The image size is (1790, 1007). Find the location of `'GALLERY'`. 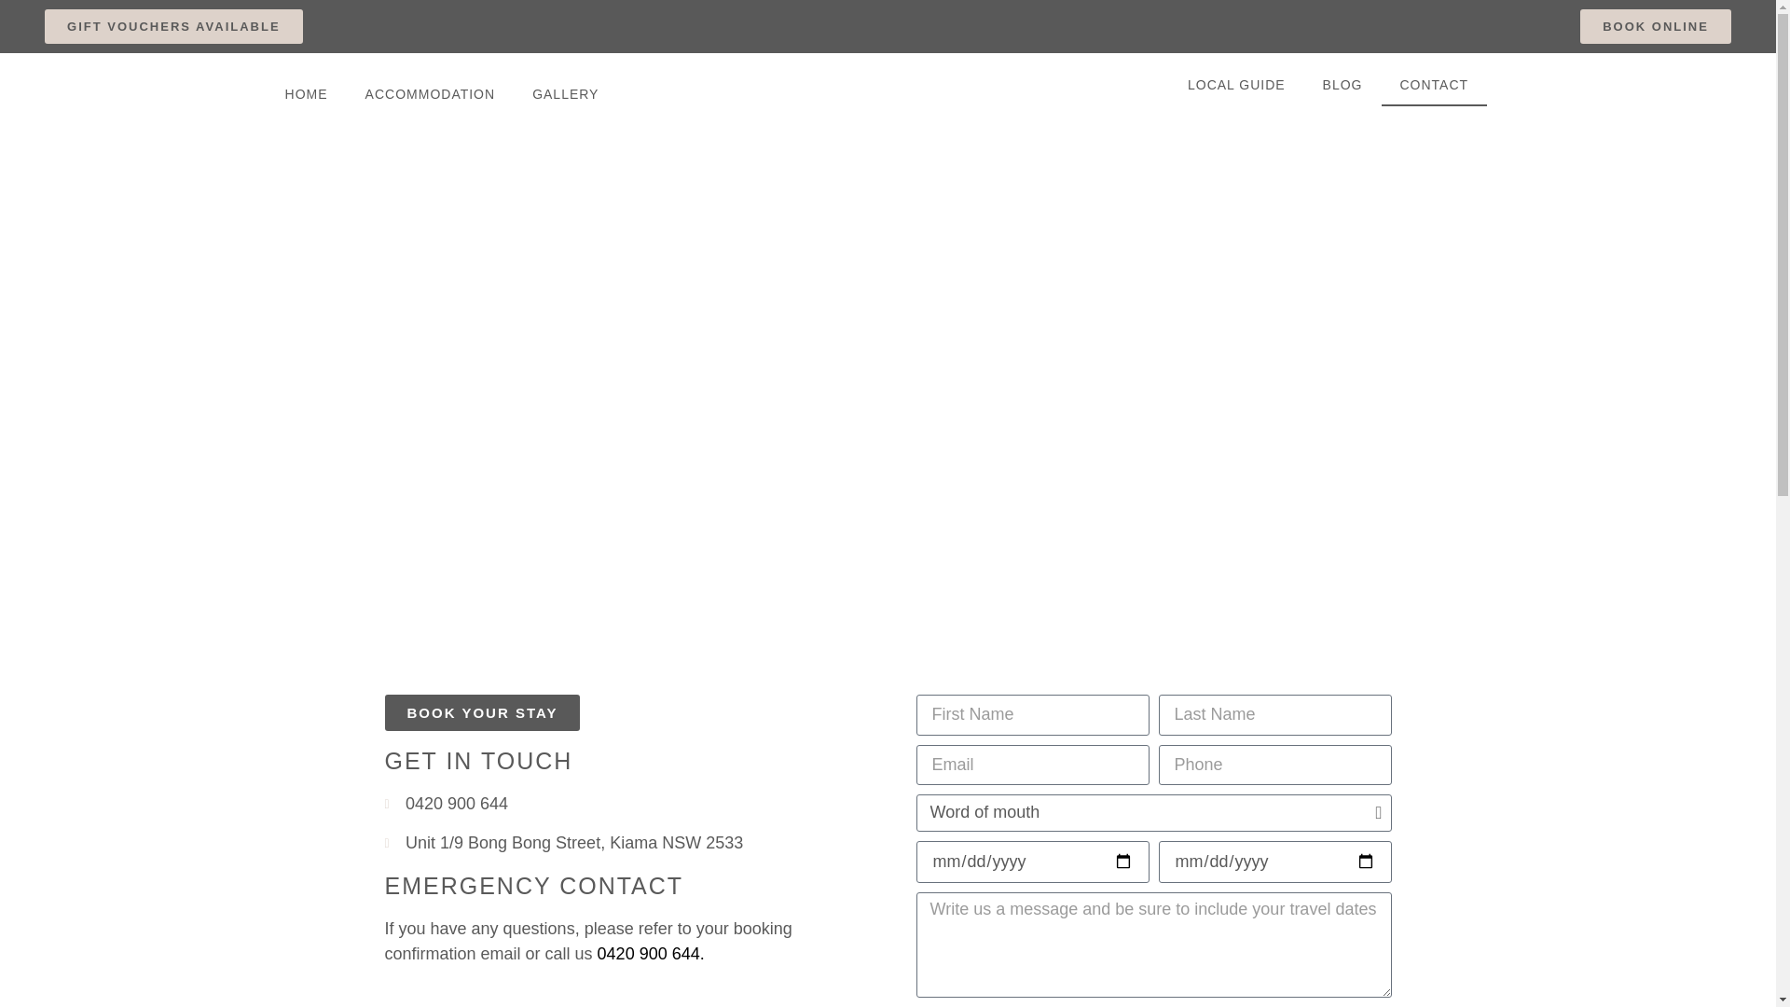

'GALLERY' is located at coordinates (564, 93).